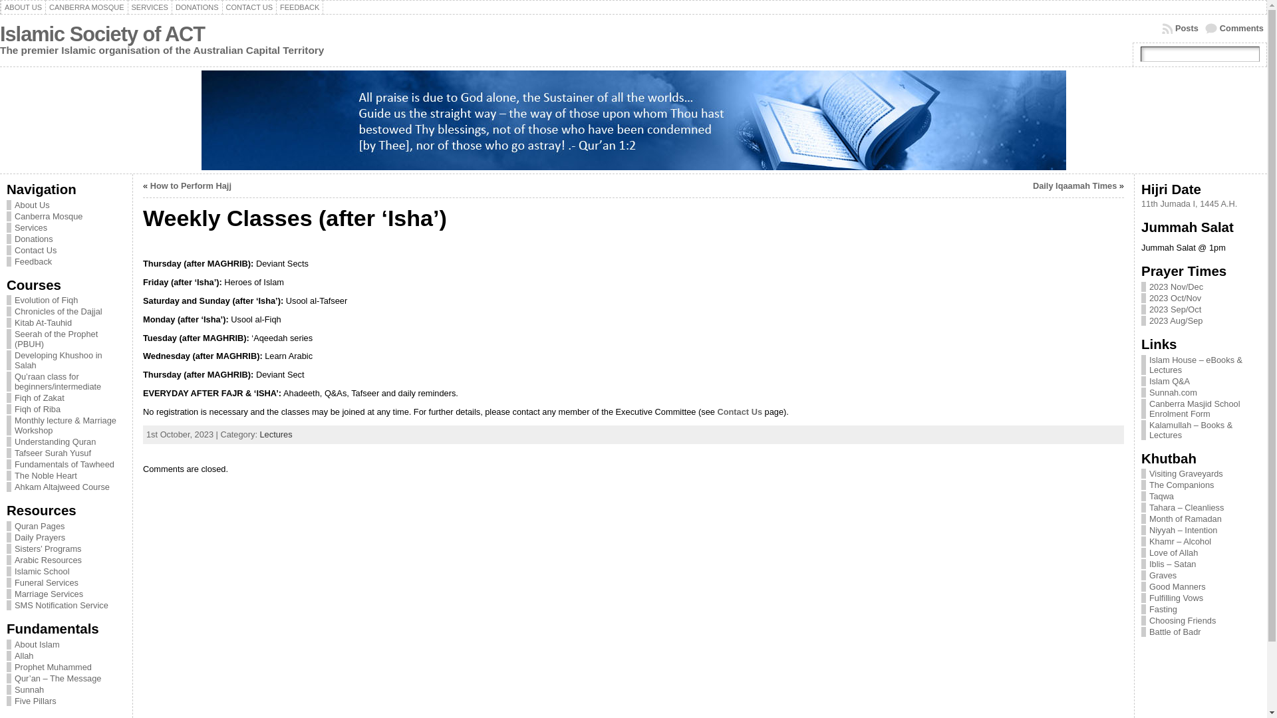 Image resolution: width=1277 pixels, height=718 pixels. I want to click on 'Good Manners', so click(1177, 586).